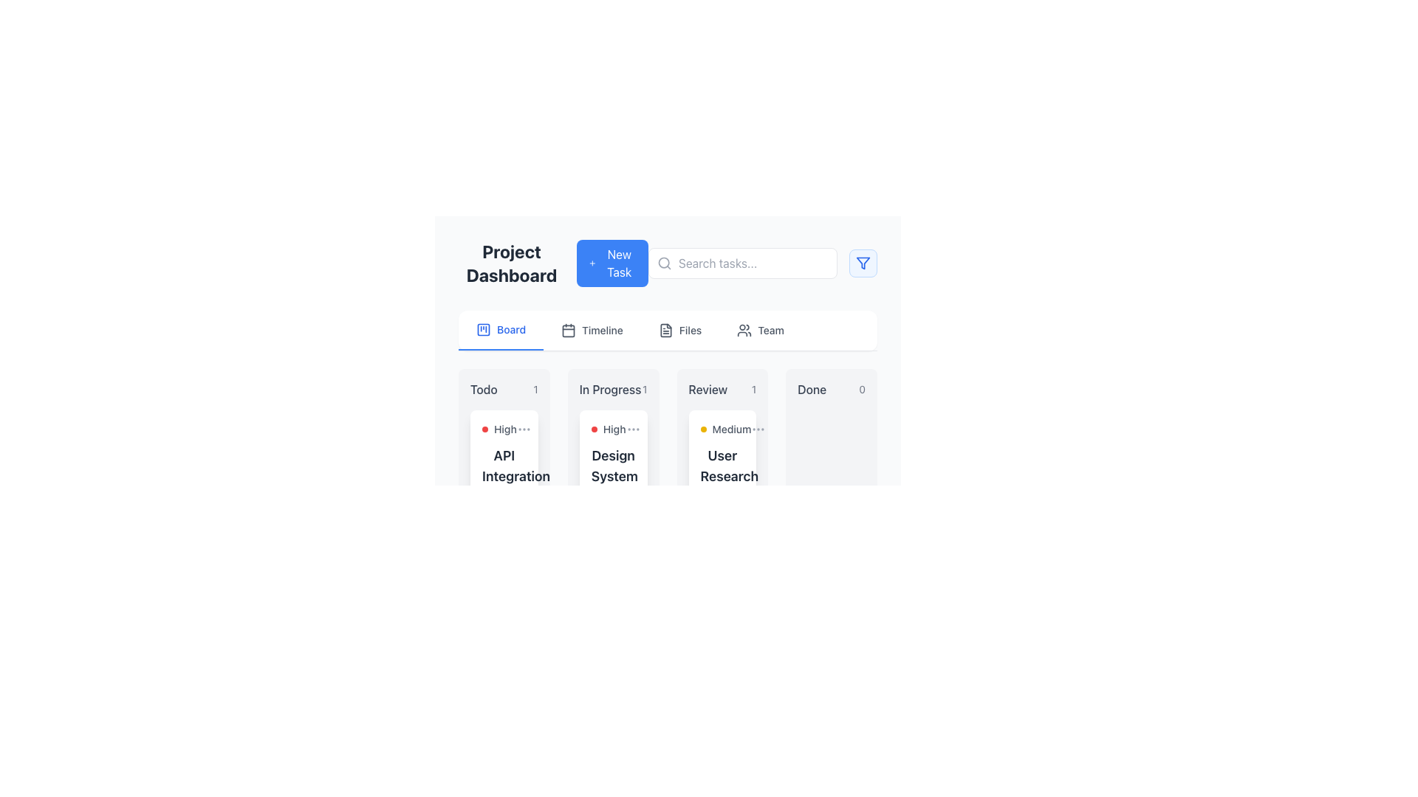 This screenshot has width=1418, height=797. I want to click on the document icon located in the navigation options, adjacent to the 'Board', 'Timeline', and 'Team' icons, so click(665, 329).